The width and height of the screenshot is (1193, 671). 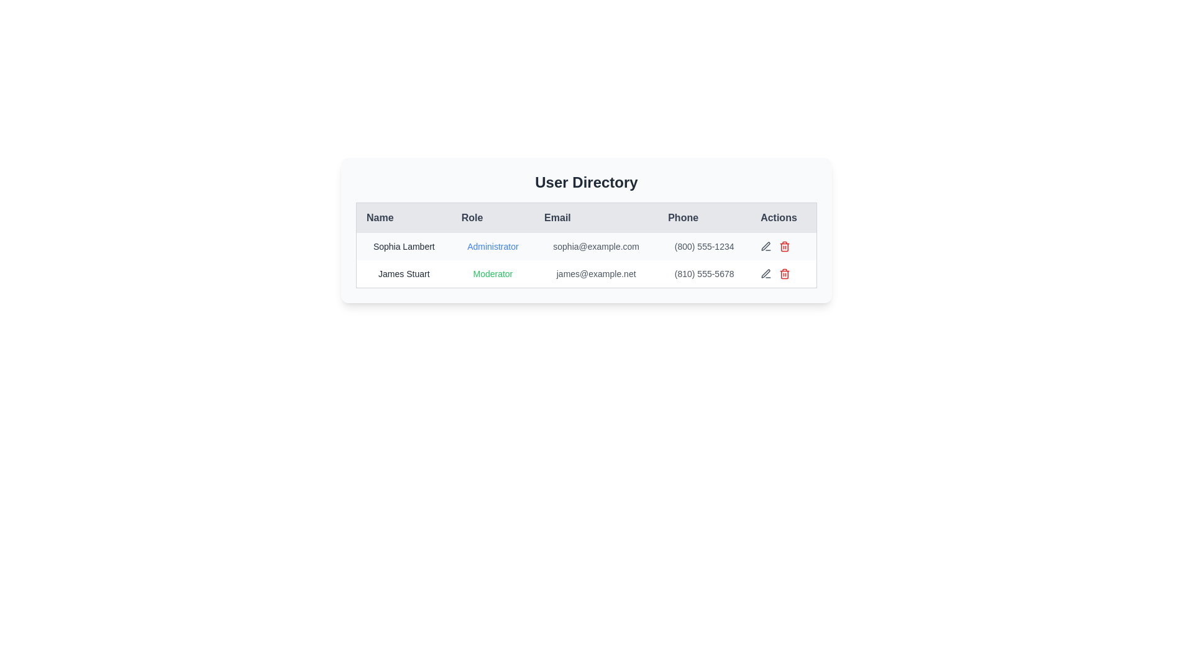 I want to click on the email address of the first user entry in the user directory table, so click(x=586, y=247).